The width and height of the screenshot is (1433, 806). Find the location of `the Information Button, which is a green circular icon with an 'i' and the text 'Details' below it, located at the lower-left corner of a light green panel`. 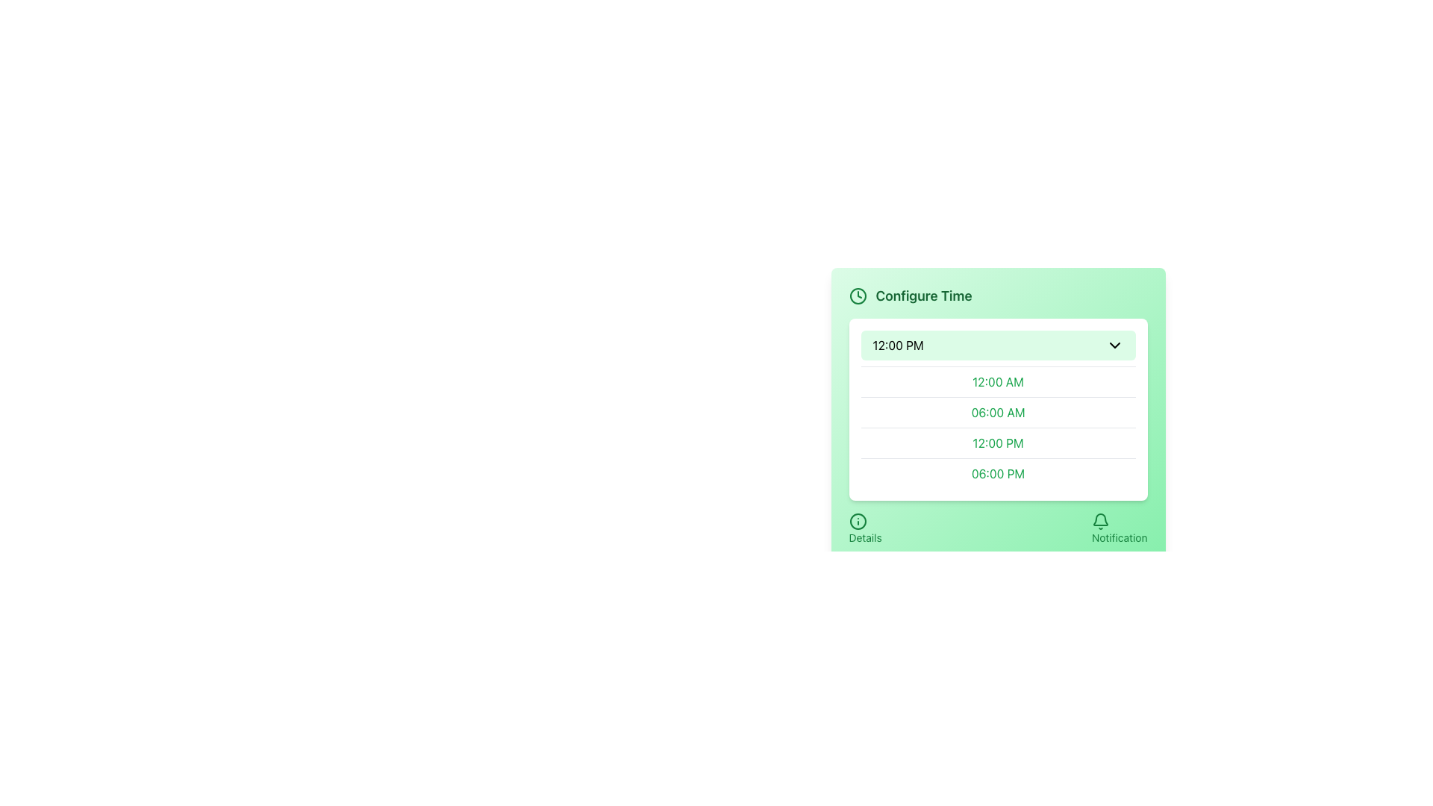

the Information Button, which is a green circular icon with an 'i' and the text 'Details' below it, located at the lower-left corner of a light green panel is located at coordinates (865, 528).